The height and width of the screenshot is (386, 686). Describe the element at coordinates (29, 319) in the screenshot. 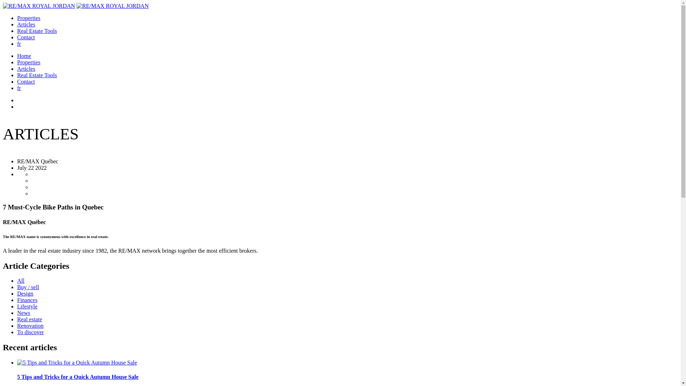

I see `'Real estate'` at that location.